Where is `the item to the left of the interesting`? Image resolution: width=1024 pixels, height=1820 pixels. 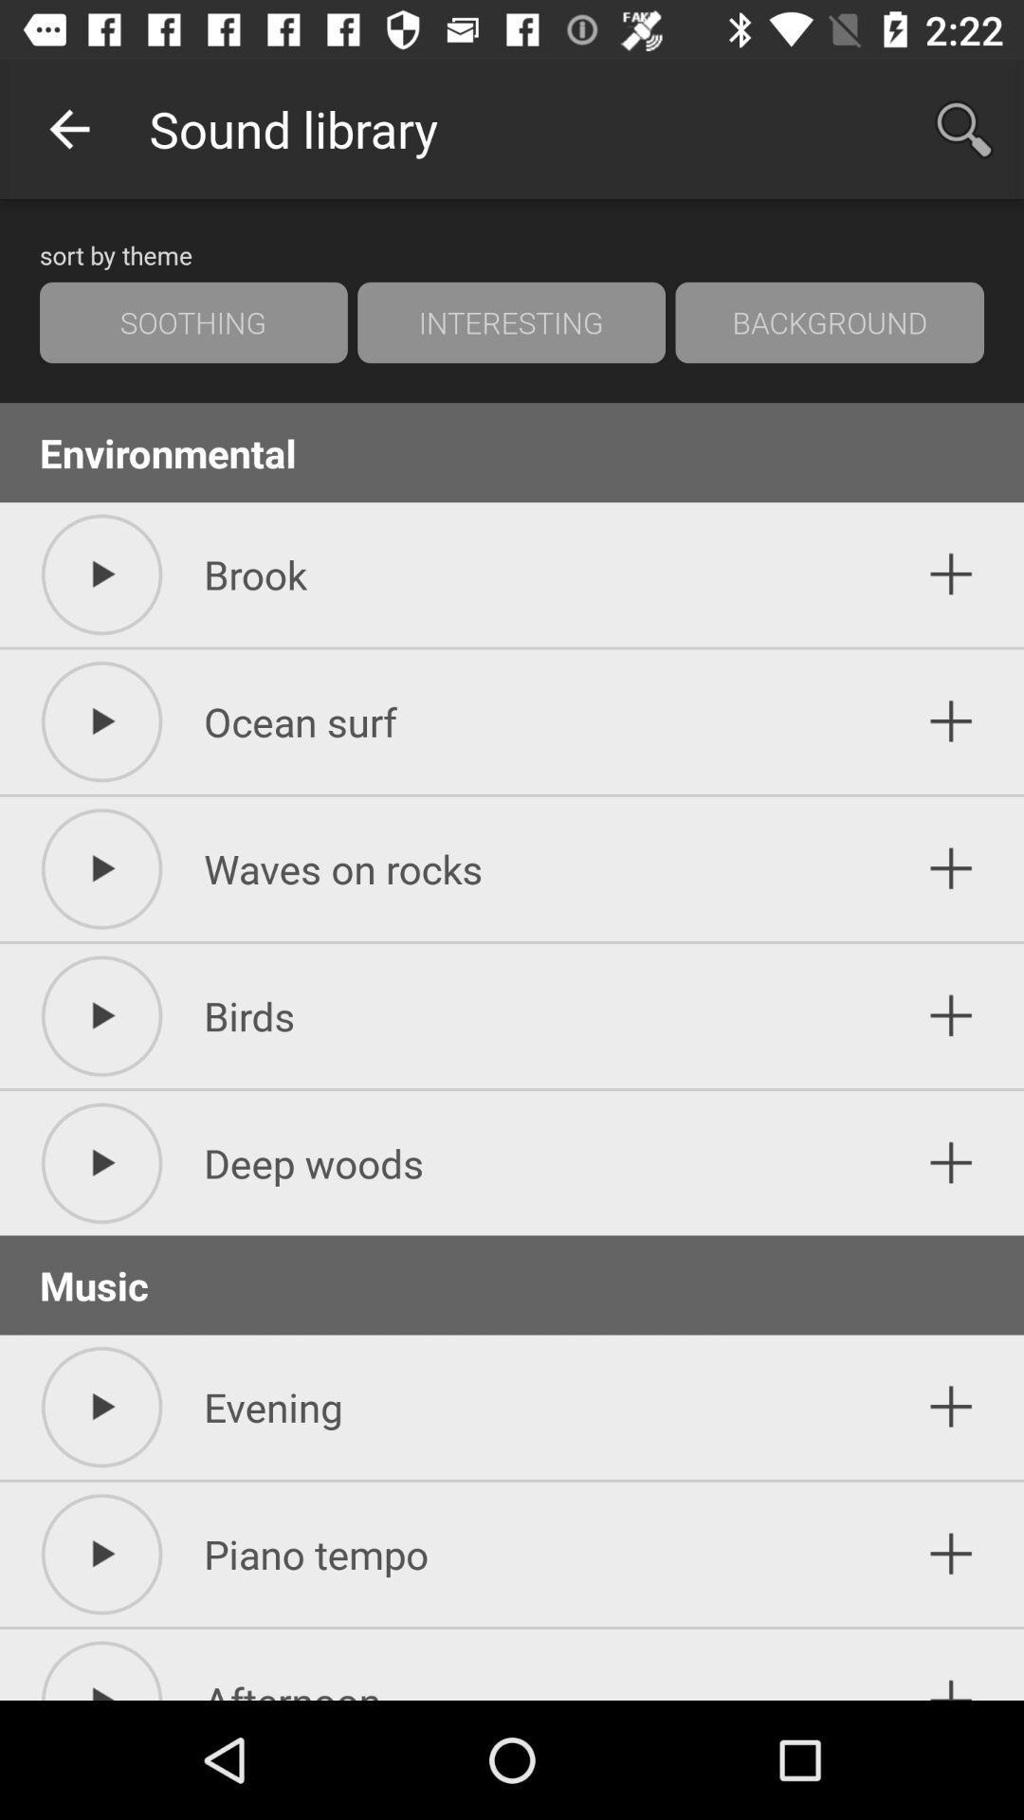
the item to the left of the interesting is located at coordinates (193, 322).